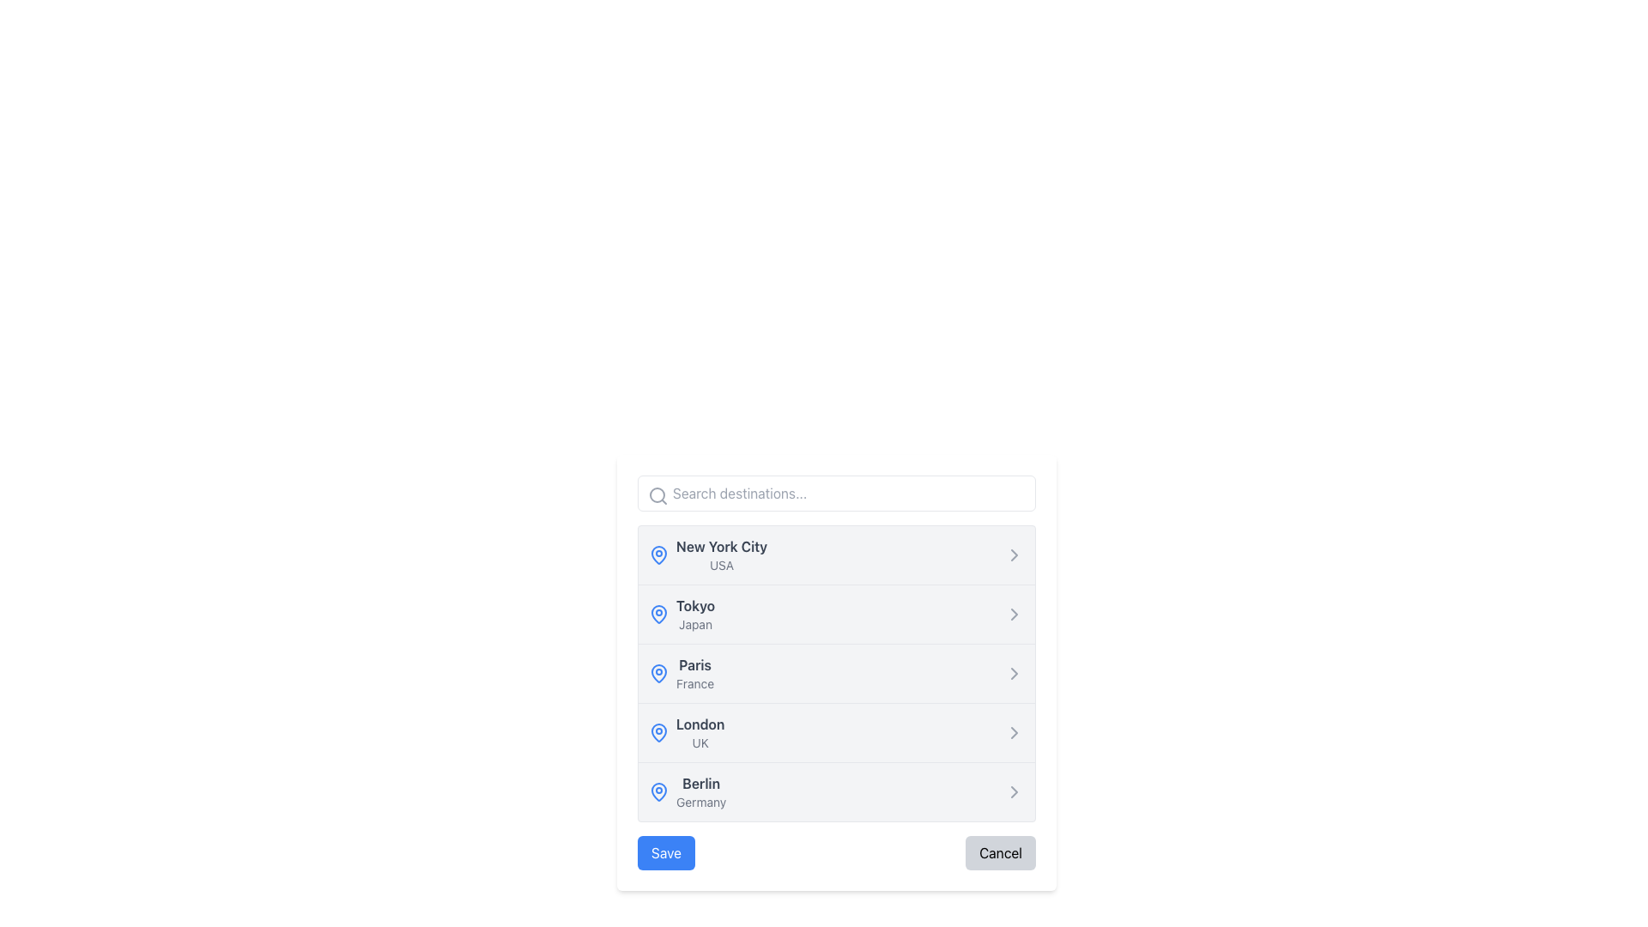 The height and width of the screenshot is (927, 1648). Describe the element at coordinates (836, 791) in the screenshot. I see `the interactive list item for 'Berlin, Germany', which is the fifth row` at that location.